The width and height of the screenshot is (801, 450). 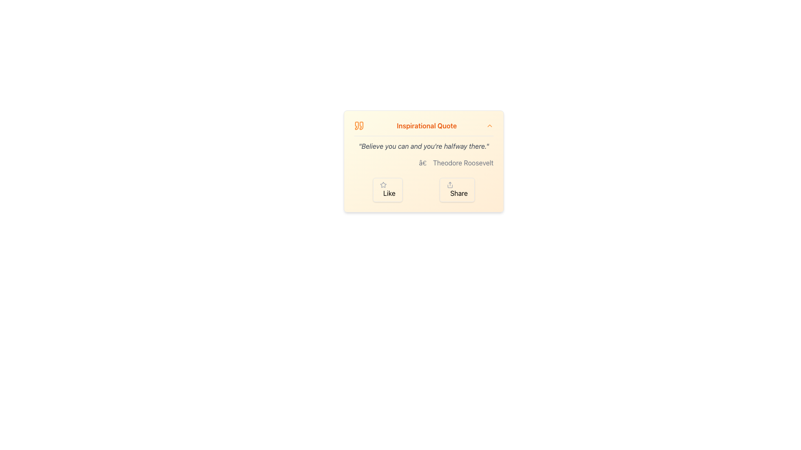 I want to click on text label for the 'Like' button, which is located to the right of a star-shaped icon in a button group under an inspirational quote, so click(x=389, y=193).